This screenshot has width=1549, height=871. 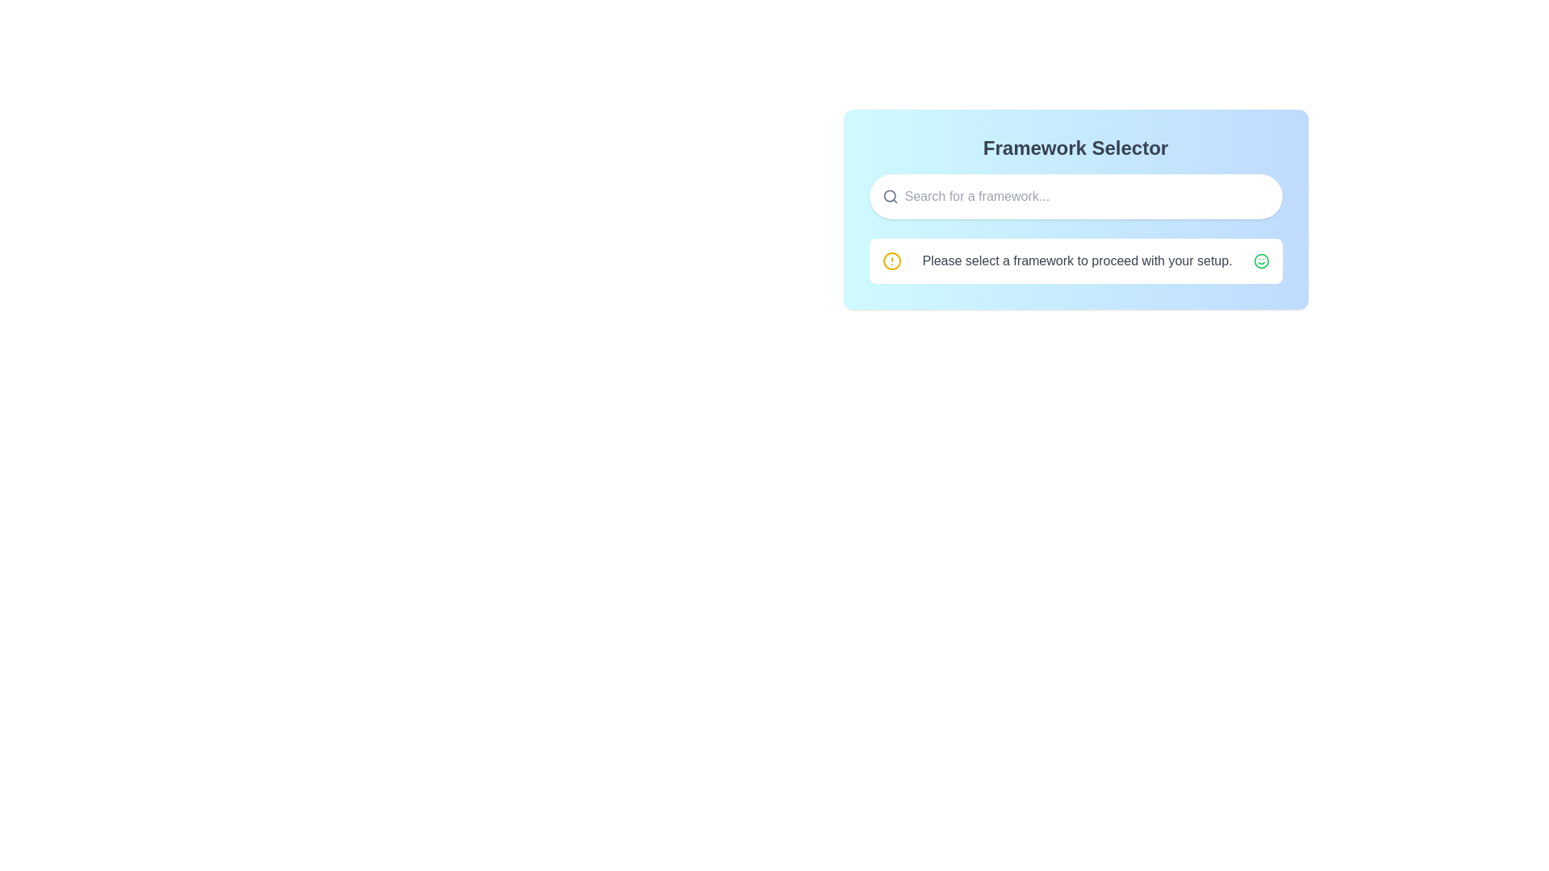 I want to click on the title text element located at the top of the card component, which has a rounded border and a gradient background, positioned directly above the search bar, so click(x=1075, y=148).